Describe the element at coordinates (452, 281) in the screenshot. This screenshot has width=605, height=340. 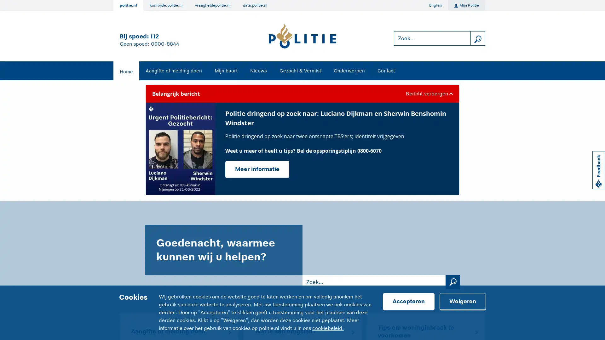
I see `zoeken` at that location.